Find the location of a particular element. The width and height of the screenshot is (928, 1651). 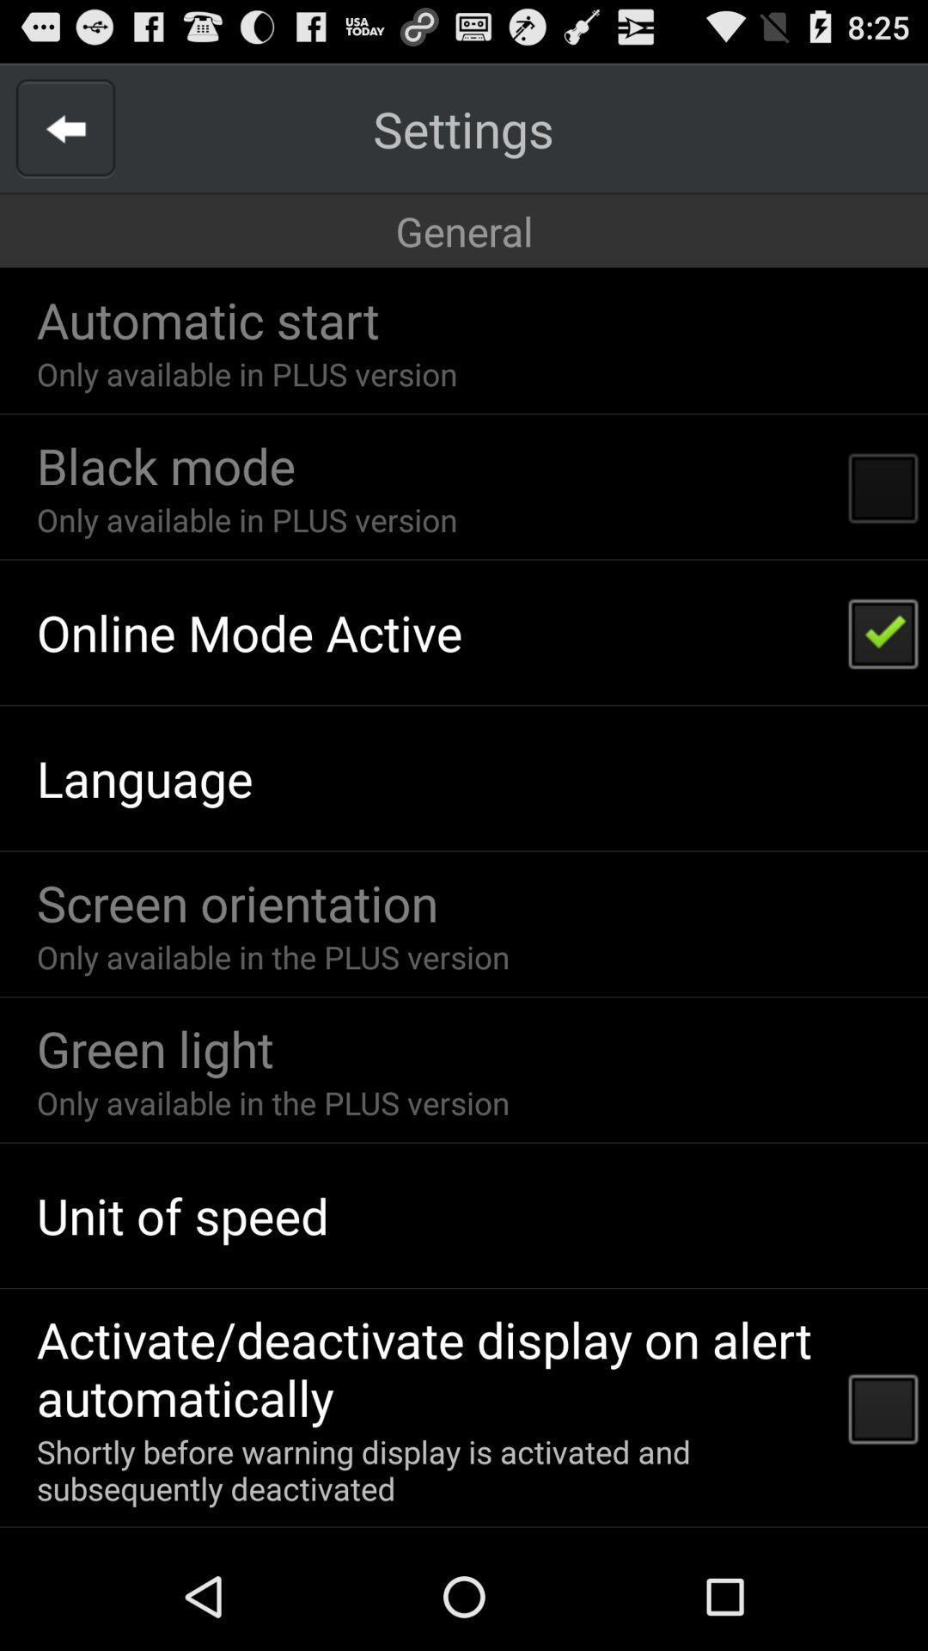

icon above the automatic start item is located at coordinates (464, 230).